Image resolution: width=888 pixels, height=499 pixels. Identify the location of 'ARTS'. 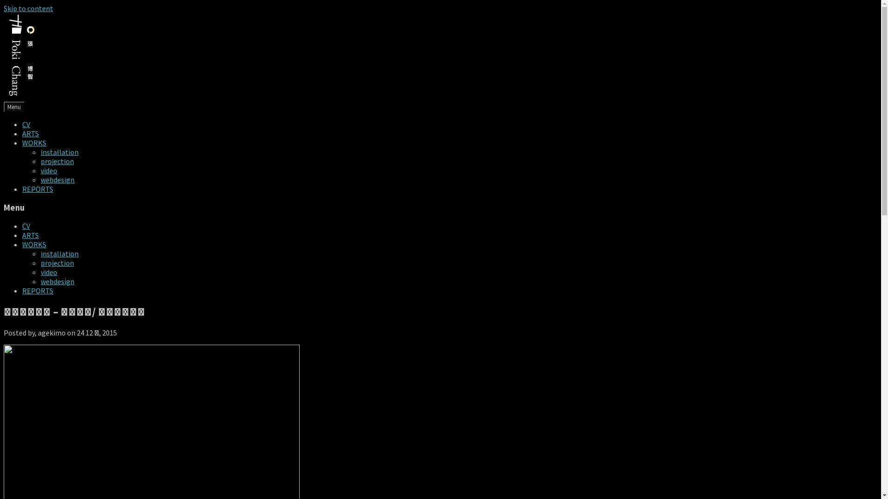
(31, 134).